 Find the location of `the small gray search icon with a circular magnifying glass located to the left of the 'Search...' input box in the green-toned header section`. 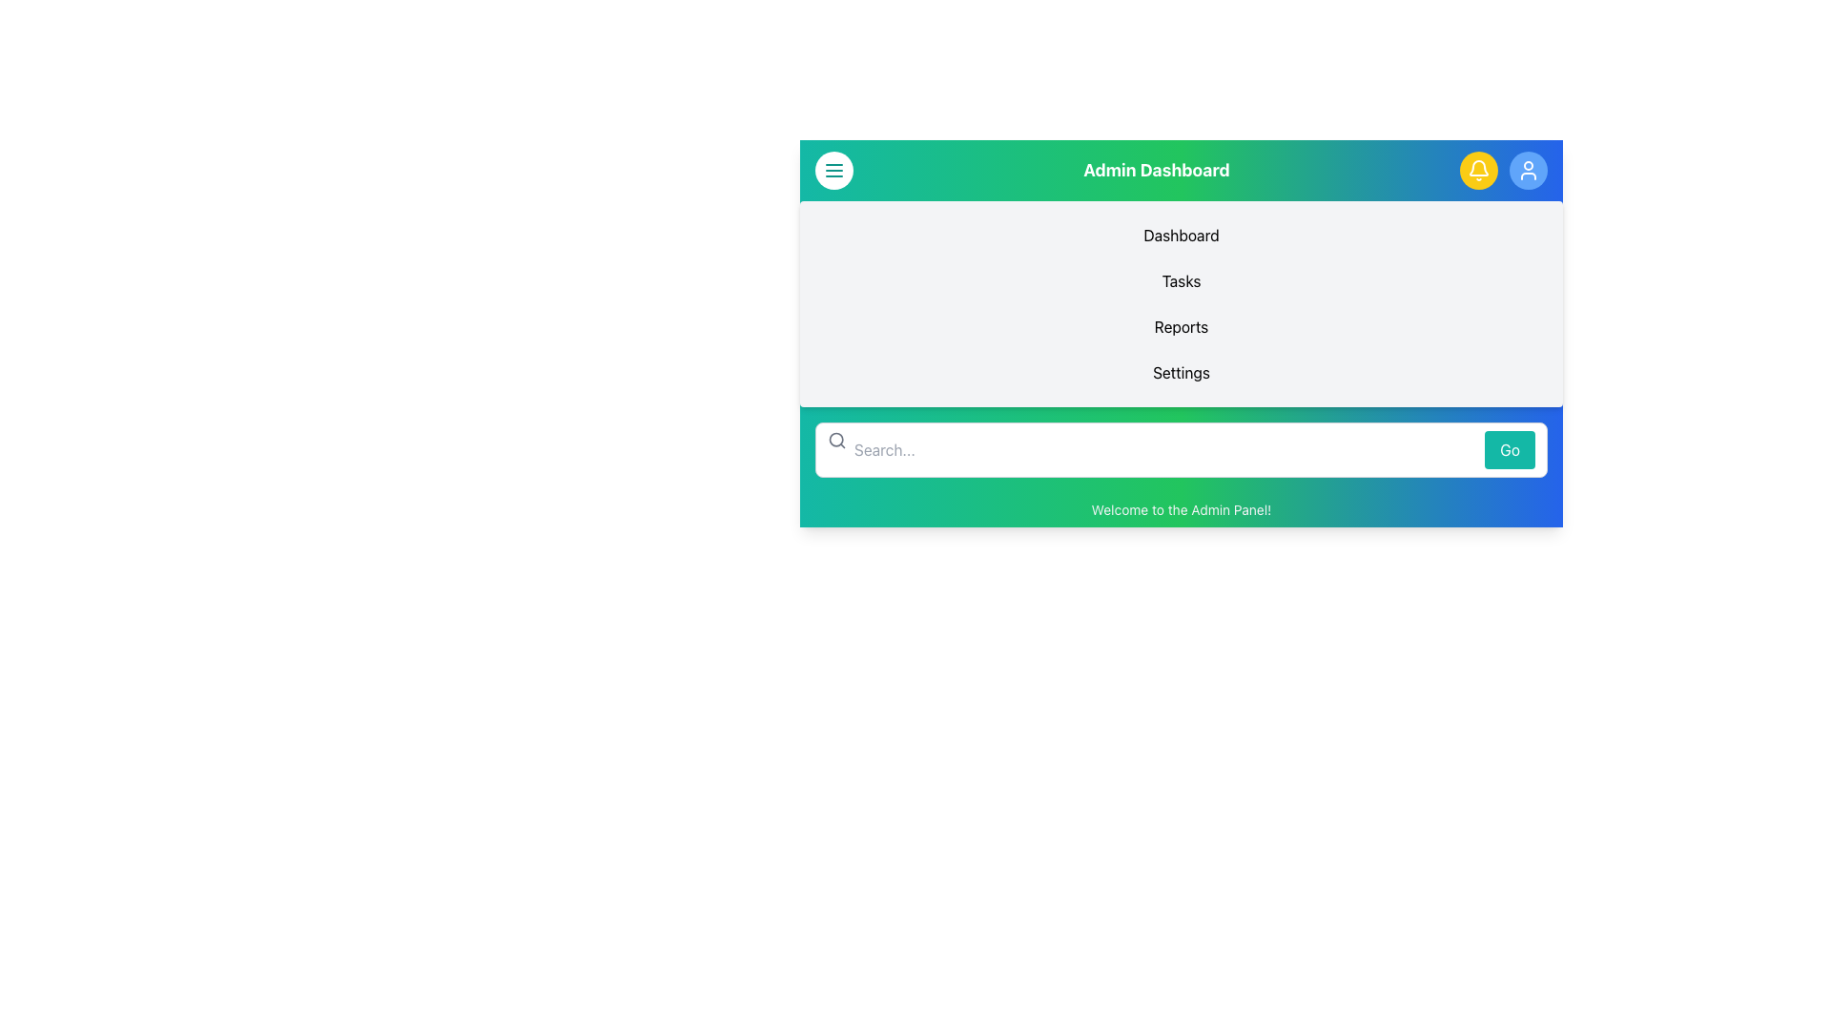

the small gray search icon with a circular magnifying glass located to the left of the 'Search...' input box in the green-toned header section is located at coordinates (837, 441).